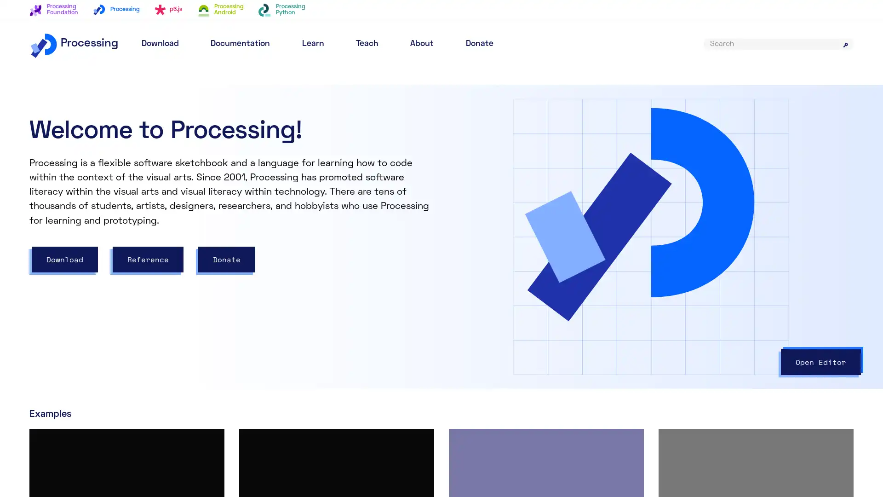 The width and height of the screenshot is (883, 497). What do you see at coordinates (549, 283) in the screenshot?
I see `change position` at bounding box center [549, 283].